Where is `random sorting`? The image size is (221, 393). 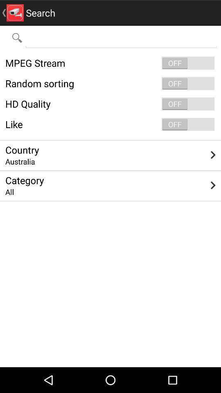
random sorting is located at coordinates (110, 84).